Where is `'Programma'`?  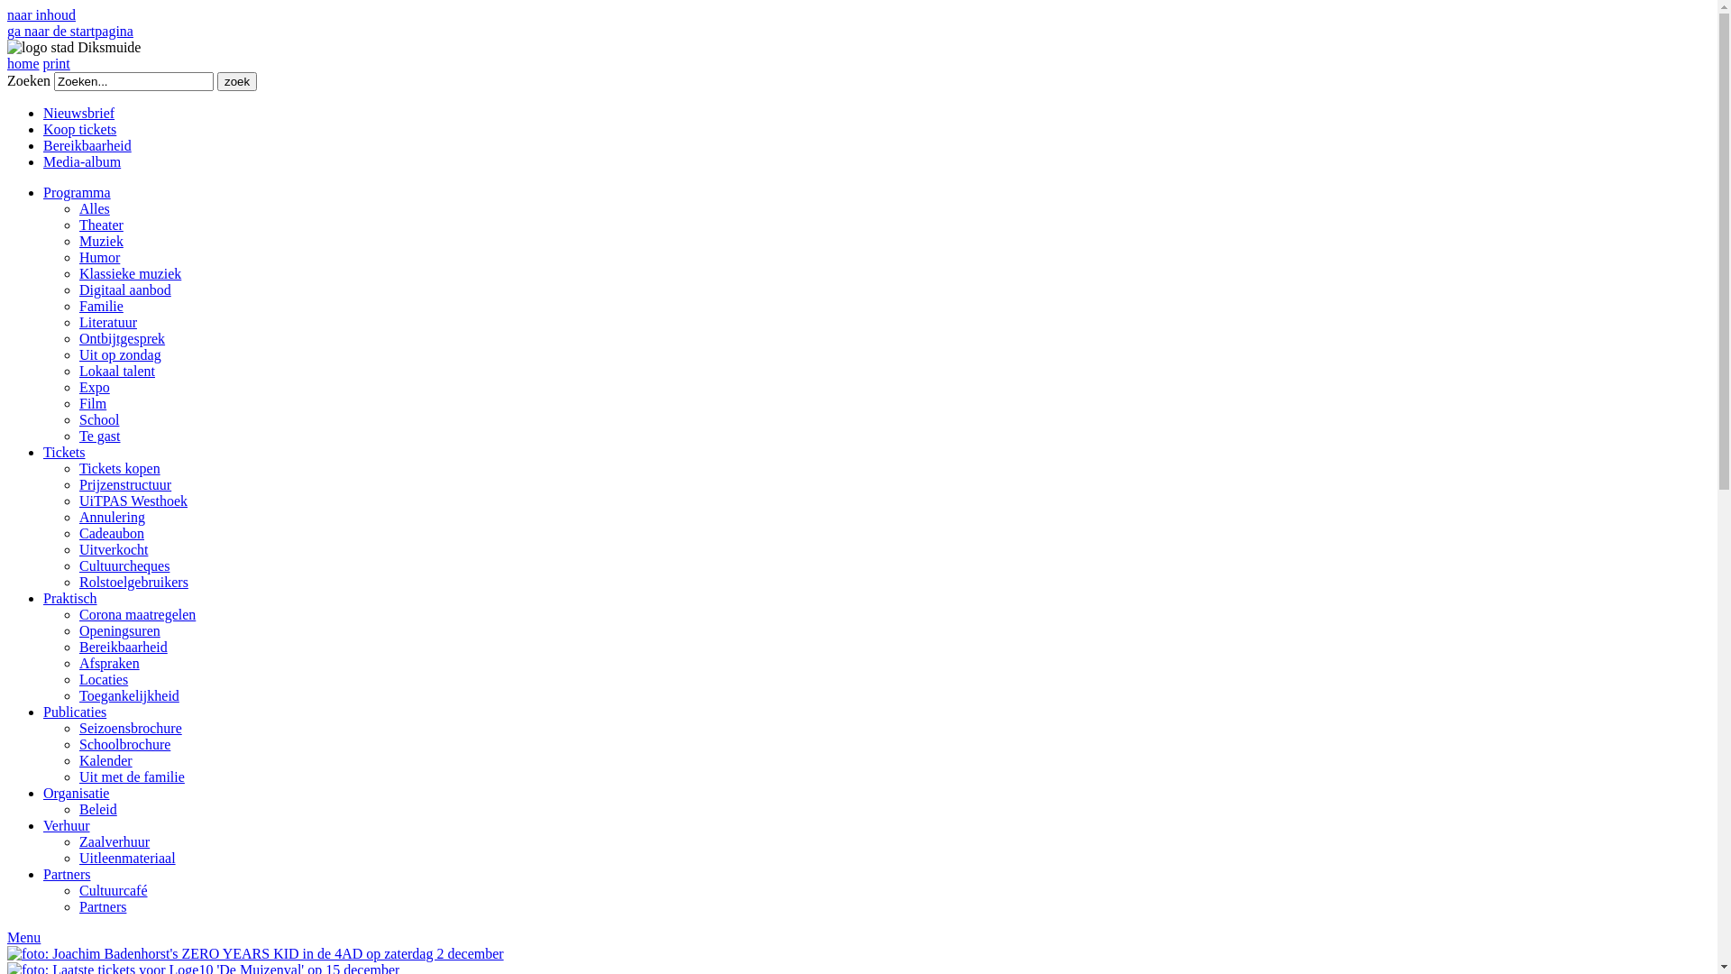 'Programma' is located at coordinates (76, 192).